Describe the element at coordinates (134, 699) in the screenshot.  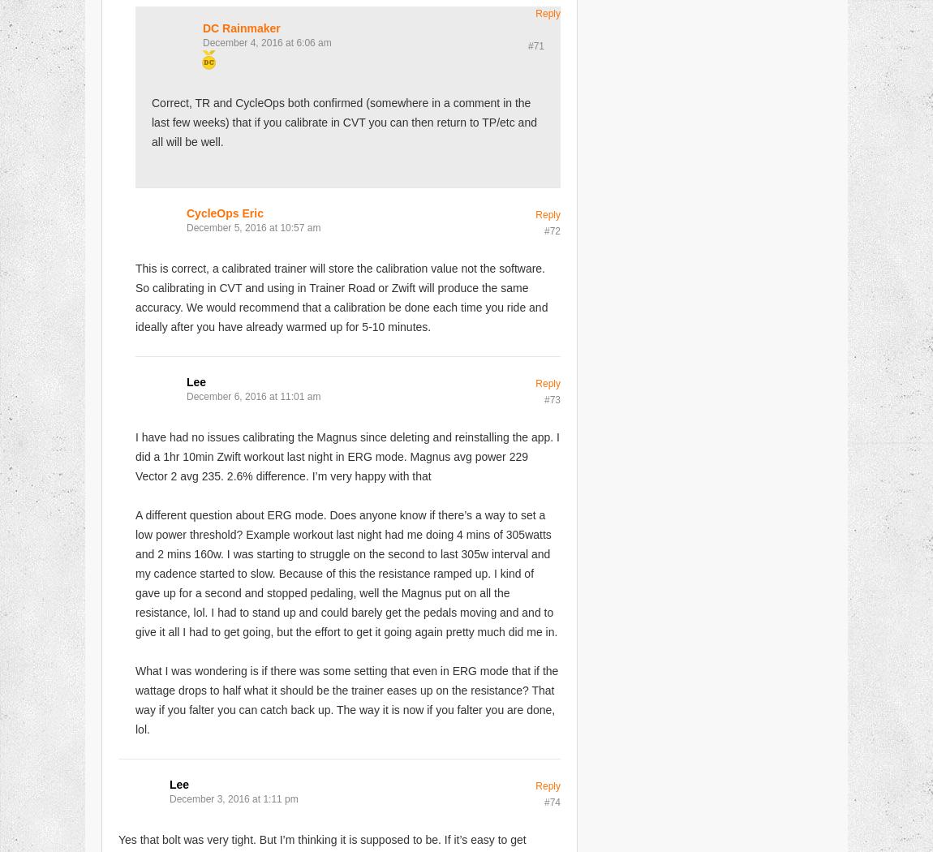
I see `'What I was wondering is if there was some setting that even in ERG mode that if the wattage drops to half what it should be the trainer eases up on the resistance? That way if you falter you can catch back up. The way it is now if you falter you are done, lol.'` at that location.